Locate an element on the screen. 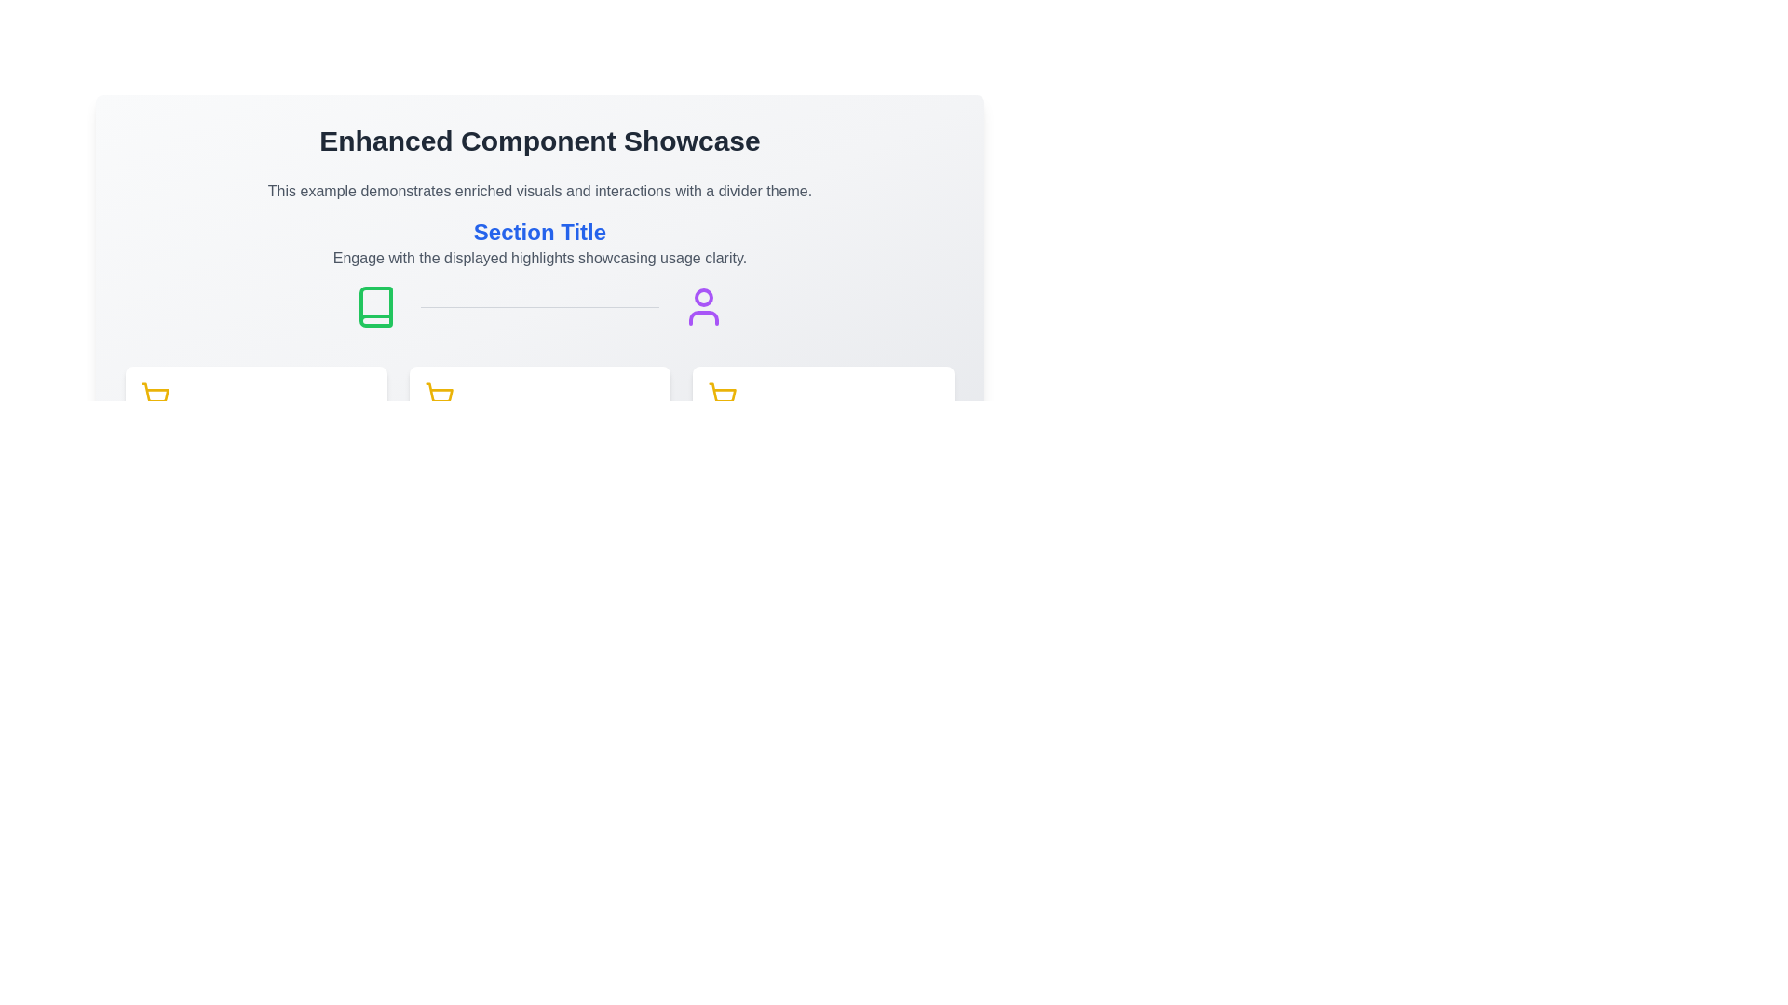  the user silhouette icon, which is styled in purple and located below the 'Section Title', as the third icon from the left in a horizontal arrangement is located at coordinates (702, 306).